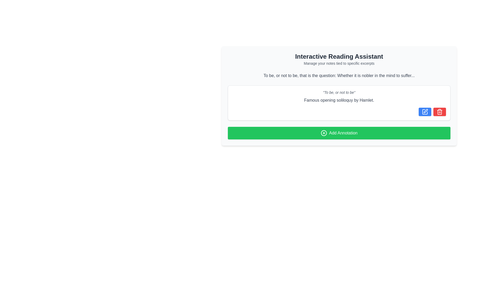  I want to click on the static text that provides supplementary information about the 'Interactive Reading Assistant' feature, which is positioned directly below the title and spans horizontally across the center of the interface, so click(339, 63).